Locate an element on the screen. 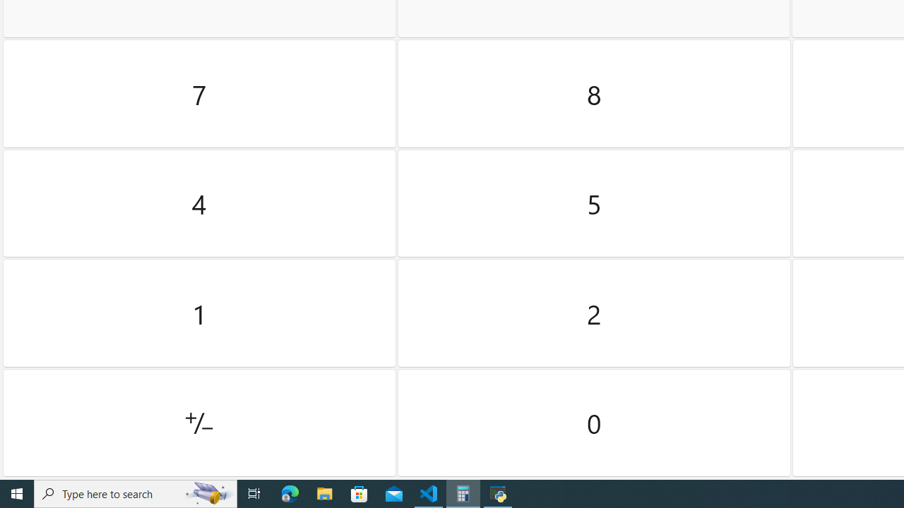 Image resolution: width=904 pixels, height=508 pixels. 'Seven' is located at coordinates (198, 94).